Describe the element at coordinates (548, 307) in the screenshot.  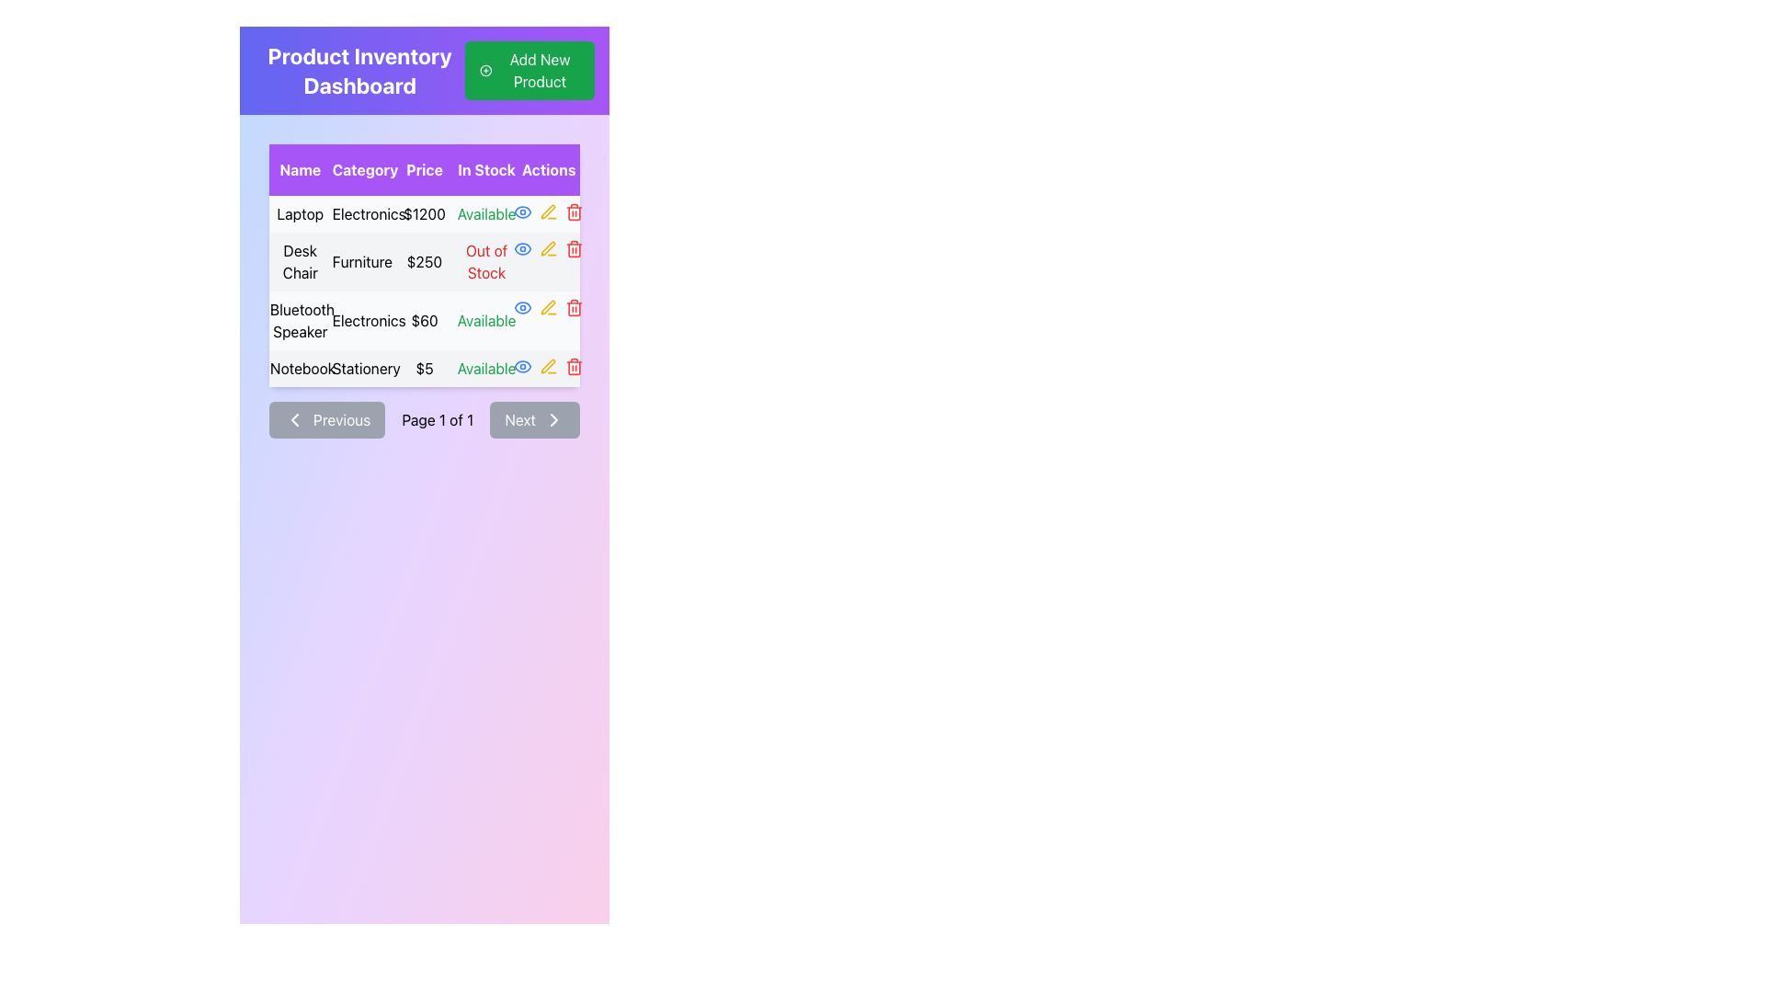
I see `the pencil icon in the 'Actions' column for the product 'Bluetooth Speaker' to change its color` at that location.